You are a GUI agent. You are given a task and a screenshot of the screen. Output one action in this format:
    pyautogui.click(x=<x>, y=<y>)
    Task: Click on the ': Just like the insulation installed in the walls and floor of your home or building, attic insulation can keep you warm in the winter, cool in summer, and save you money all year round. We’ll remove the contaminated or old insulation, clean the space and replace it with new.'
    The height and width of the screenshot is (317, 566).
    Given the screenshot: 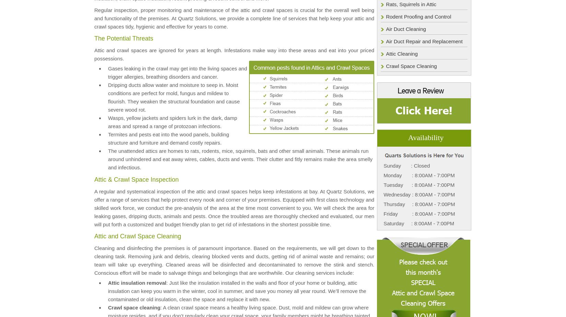 What is the action you would take?
    pyautogui.click(x=237, y=291)
    